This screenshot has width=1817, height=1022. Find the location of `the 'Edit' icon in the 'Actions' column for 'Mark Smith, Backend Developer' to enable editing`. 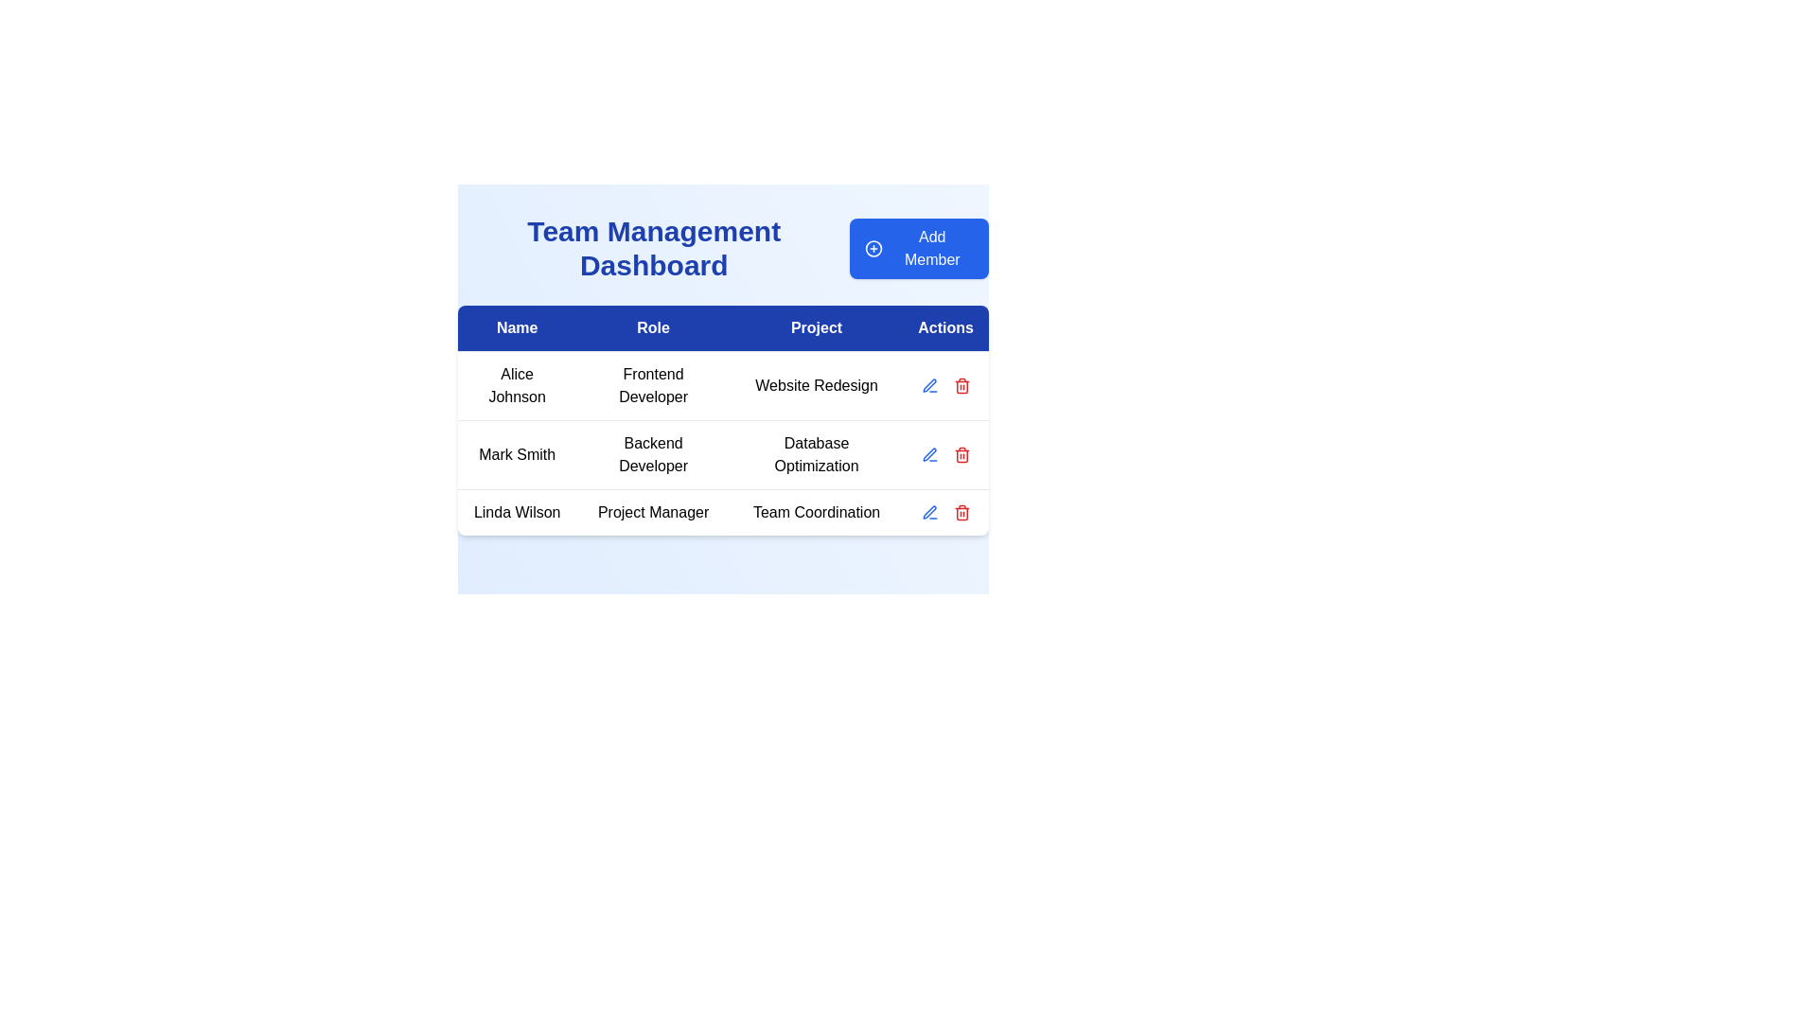

the 'Edit' icon in the 'Actions' column for 'Mark Smith, Backend Developer' to enable editing is located at coordinates (929, 384).